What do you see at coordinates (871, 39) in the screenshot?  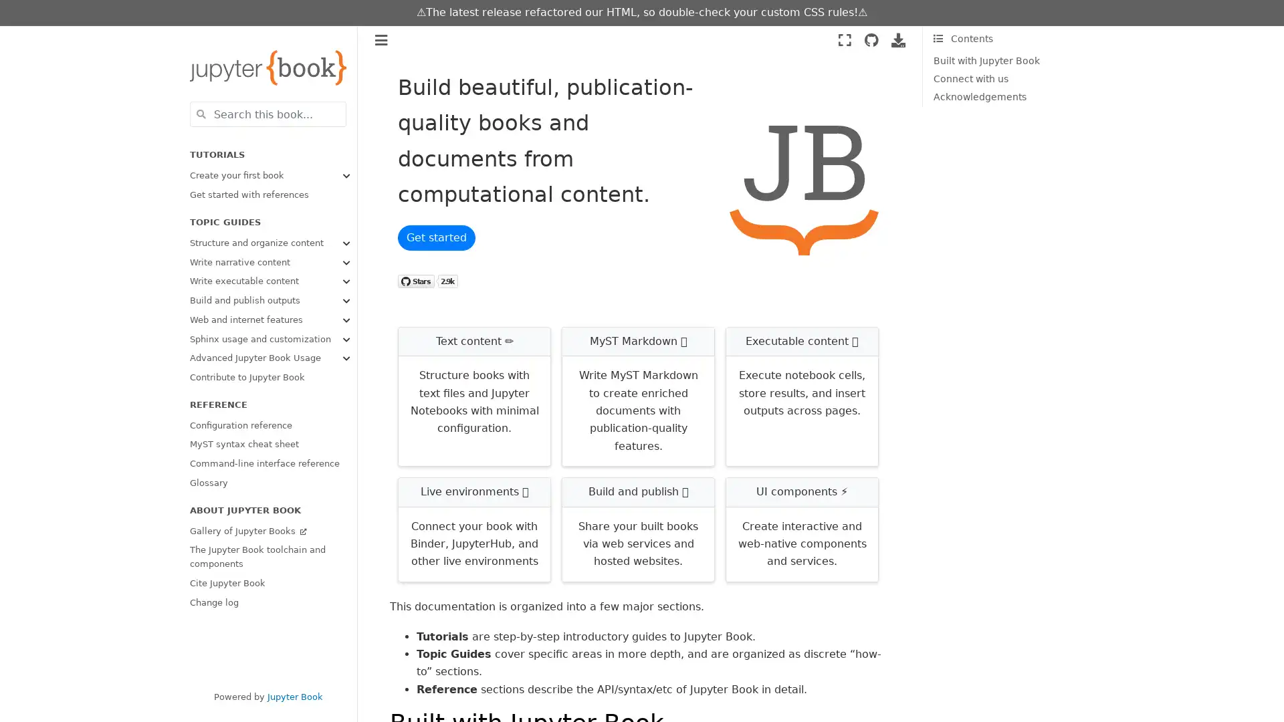 I see `Source repositories` at bounding box center [871, 39].